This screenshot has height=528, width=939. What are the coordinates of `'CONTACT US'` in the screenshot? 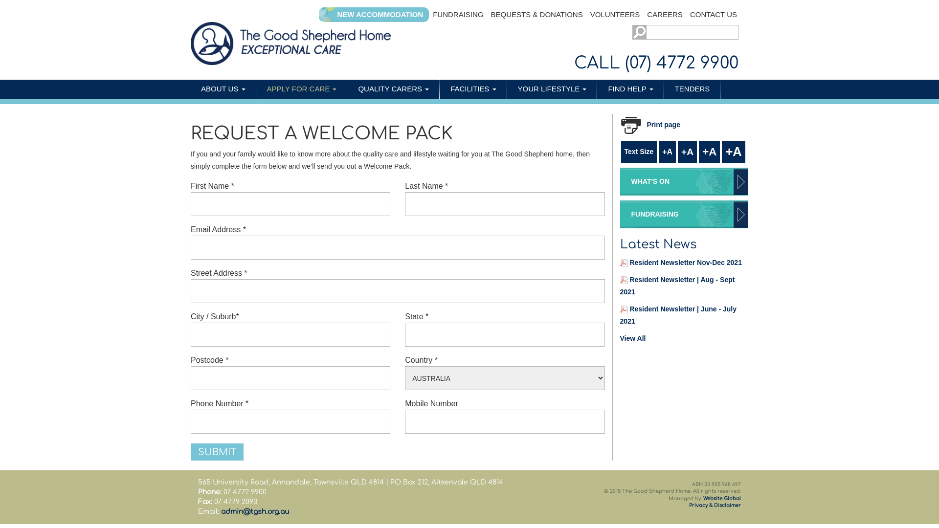 It's located at (714, 15).